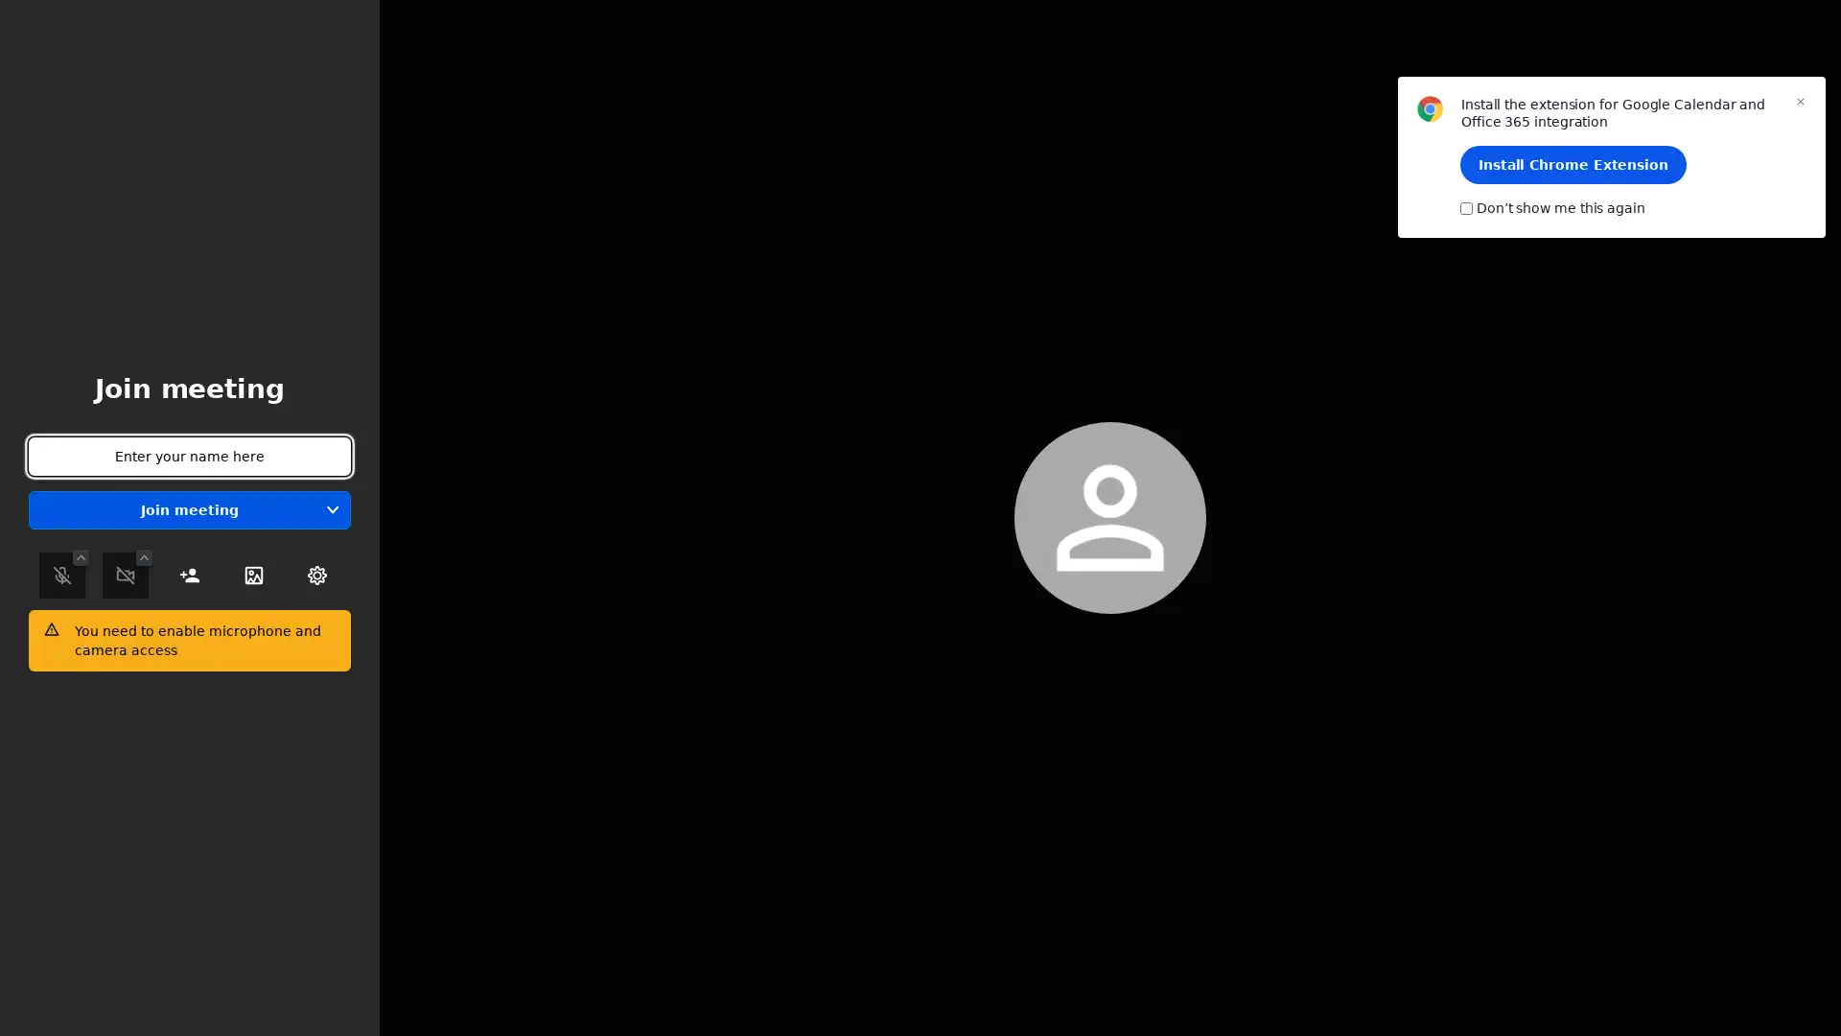 The height and width of the screenshot is (1036, 1841). I want to click on Join meeting, so click(189, 509).